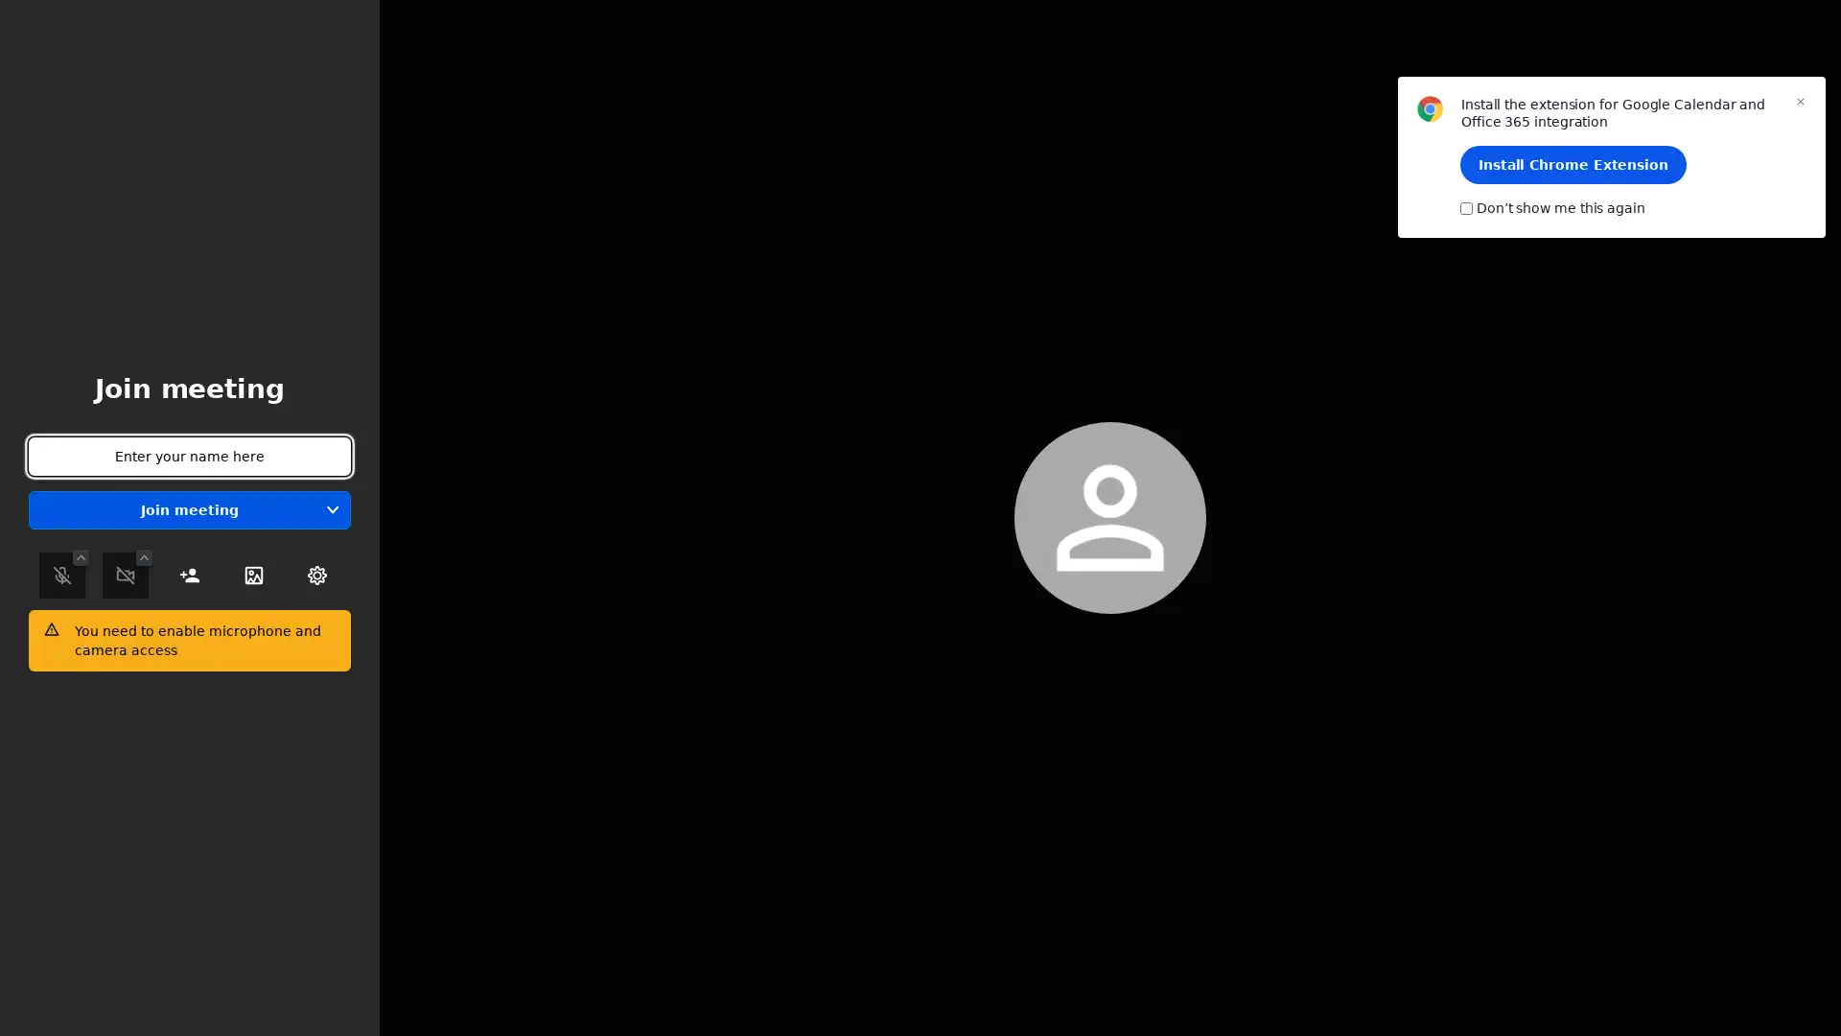 The height and width of the screenshot is (1036, 1841). I want to click on Join meeting, so click(189, 509).